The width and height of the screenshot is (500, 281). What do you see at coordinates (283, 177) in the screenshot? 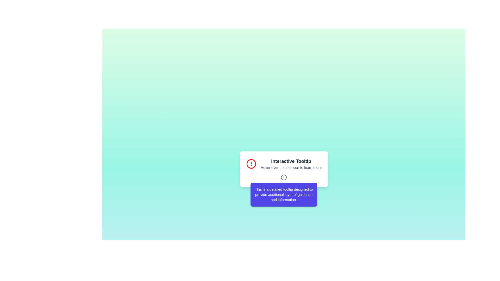
I see `the informational icon represented by the SVG Circle located within the tooltip panel under the title 'Interactive Tooltip'` at bounding box center [283, 177].